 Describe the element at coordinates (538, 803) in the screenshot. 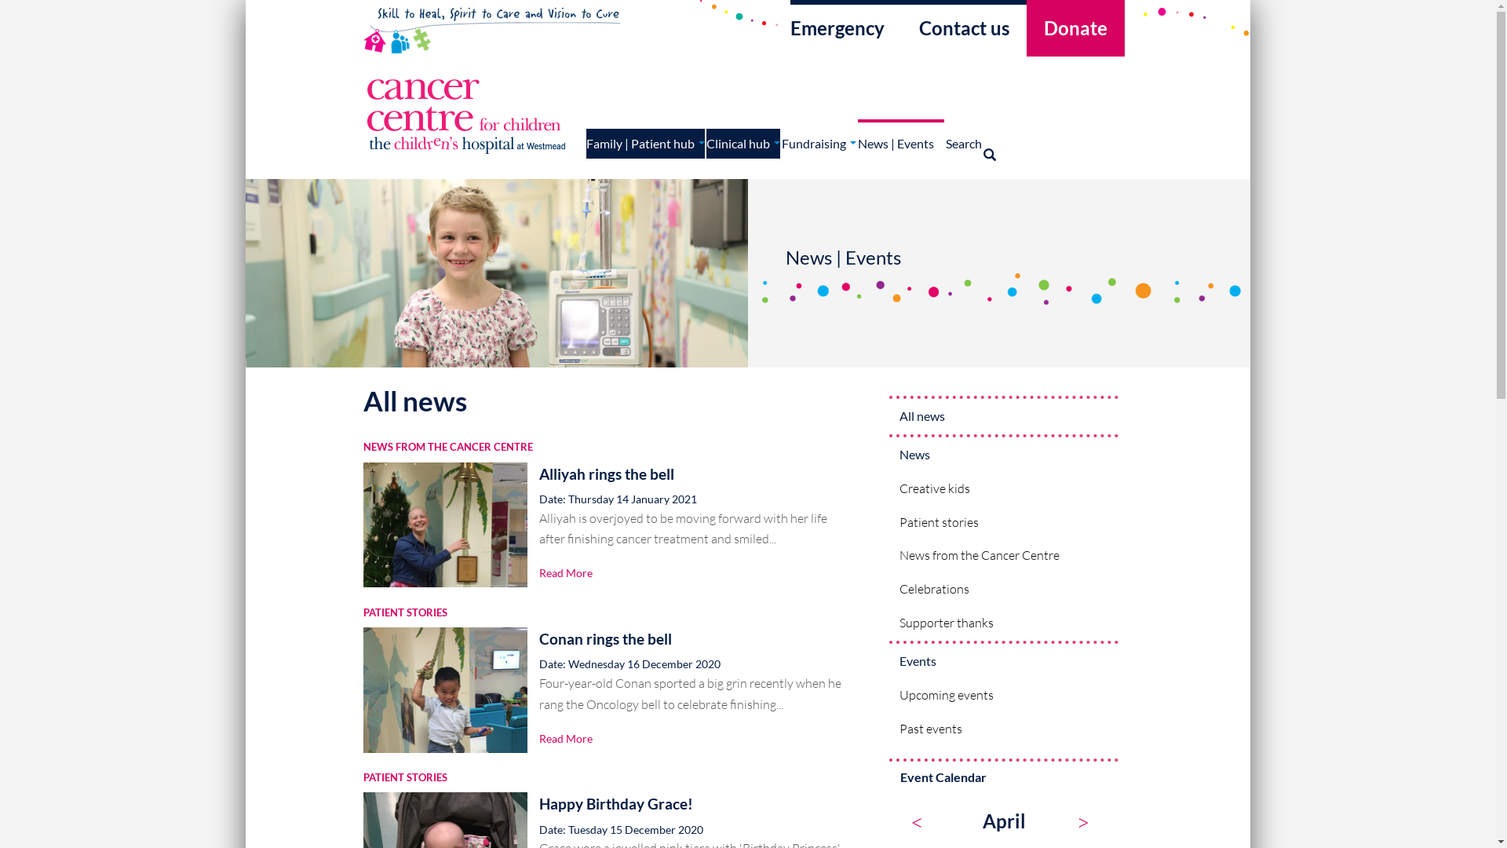

I see `'Happy Birthday Grace!'` at that location.